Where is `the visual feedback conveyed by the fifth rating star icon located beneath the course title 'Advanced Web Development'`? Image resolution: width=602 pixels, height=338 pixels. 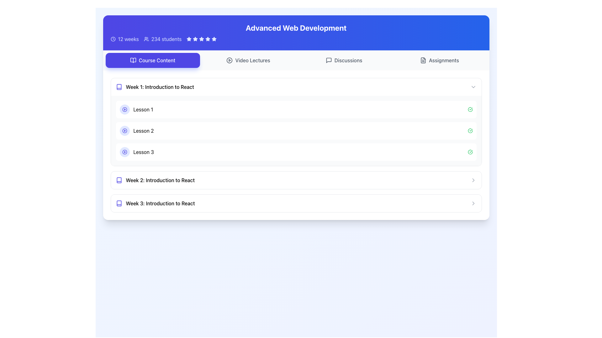 the visual feedback conveyed by the fifth rating star icon located beneath the course title 'Advanced Web Development' is located at coordinates (208, 39).